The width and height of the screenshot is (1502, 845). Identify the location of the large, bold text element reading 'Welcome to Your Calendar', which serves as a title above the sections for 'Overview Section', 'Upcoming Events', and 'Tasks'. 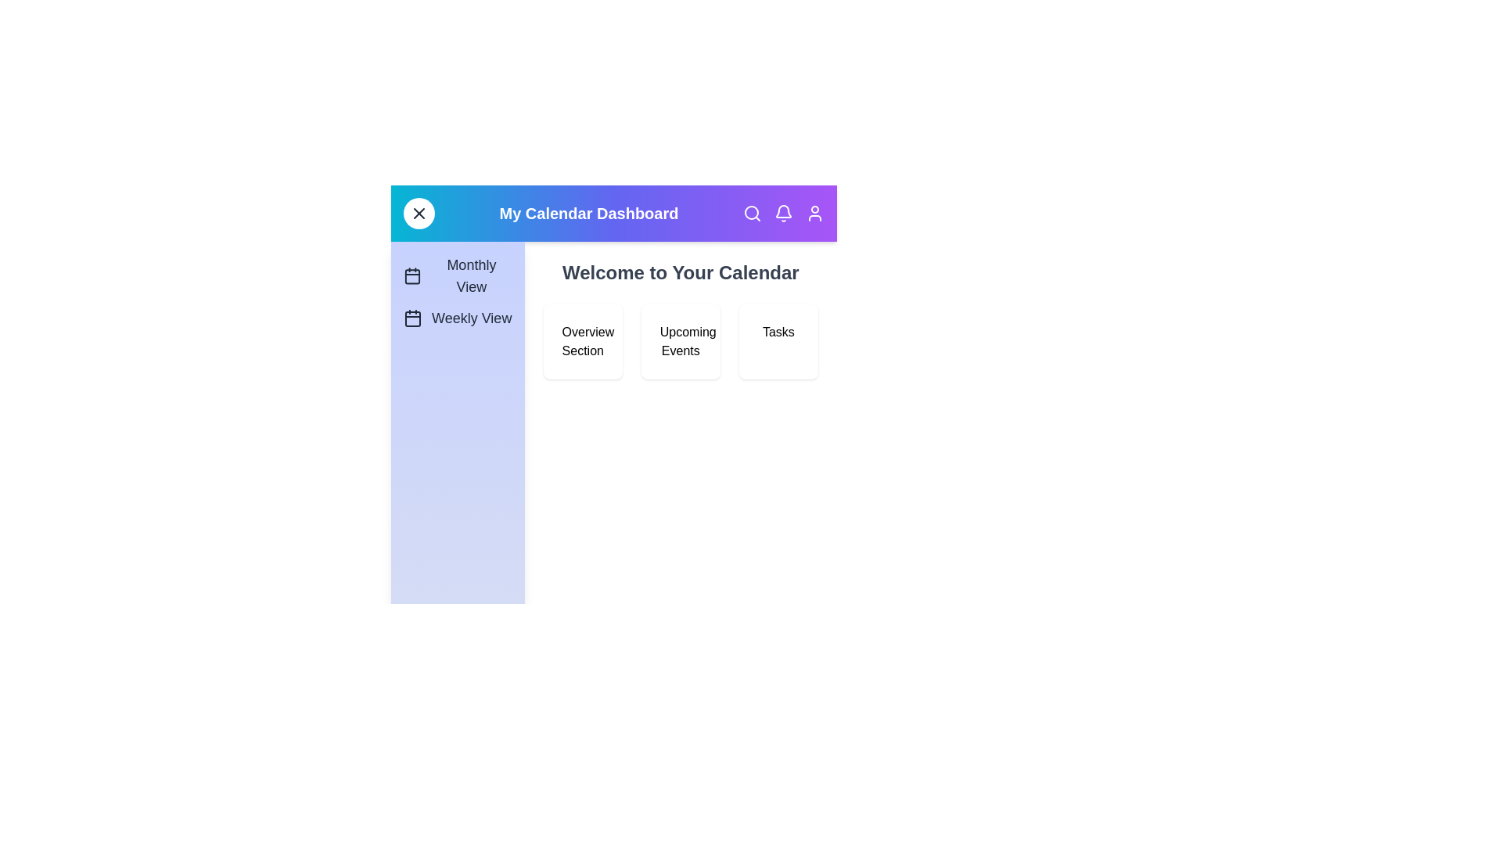
(681, 271).